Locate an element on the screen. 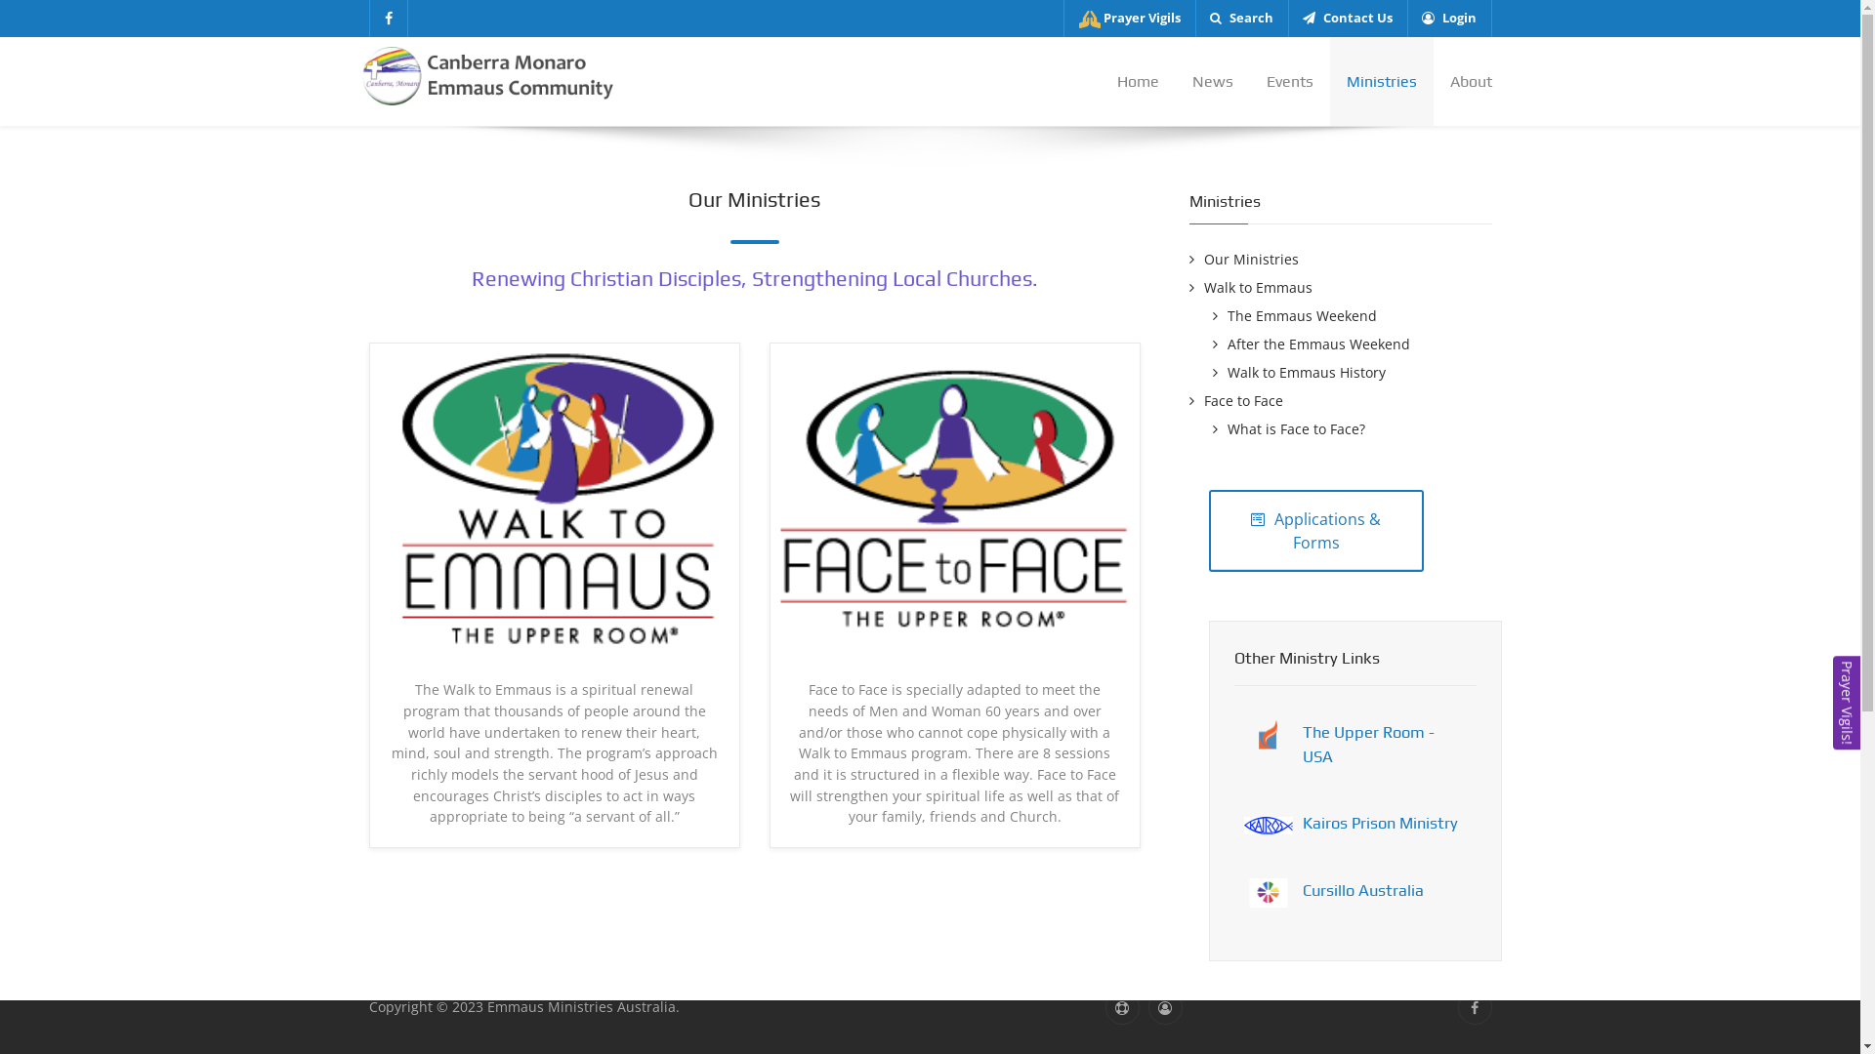  'Canberra Monaro Facebook Page' is located at coordinates (1474, 1007).